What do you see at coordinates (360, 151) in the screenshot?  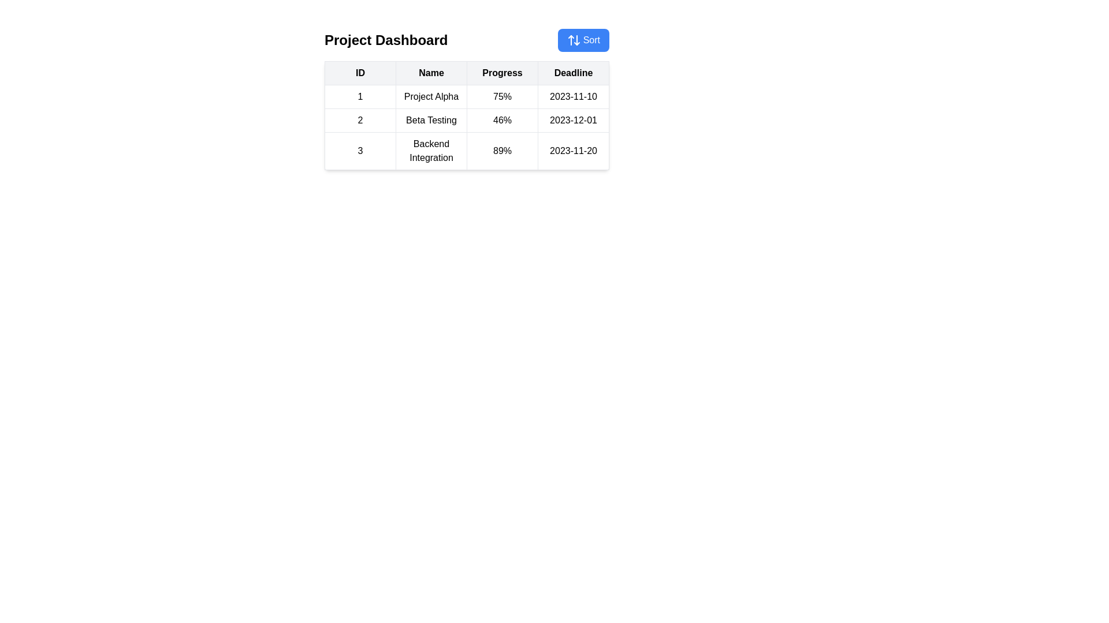 I see `the table cell in the leftmost column under the header 'ID' in the third row` at bounding box center [360, 151].